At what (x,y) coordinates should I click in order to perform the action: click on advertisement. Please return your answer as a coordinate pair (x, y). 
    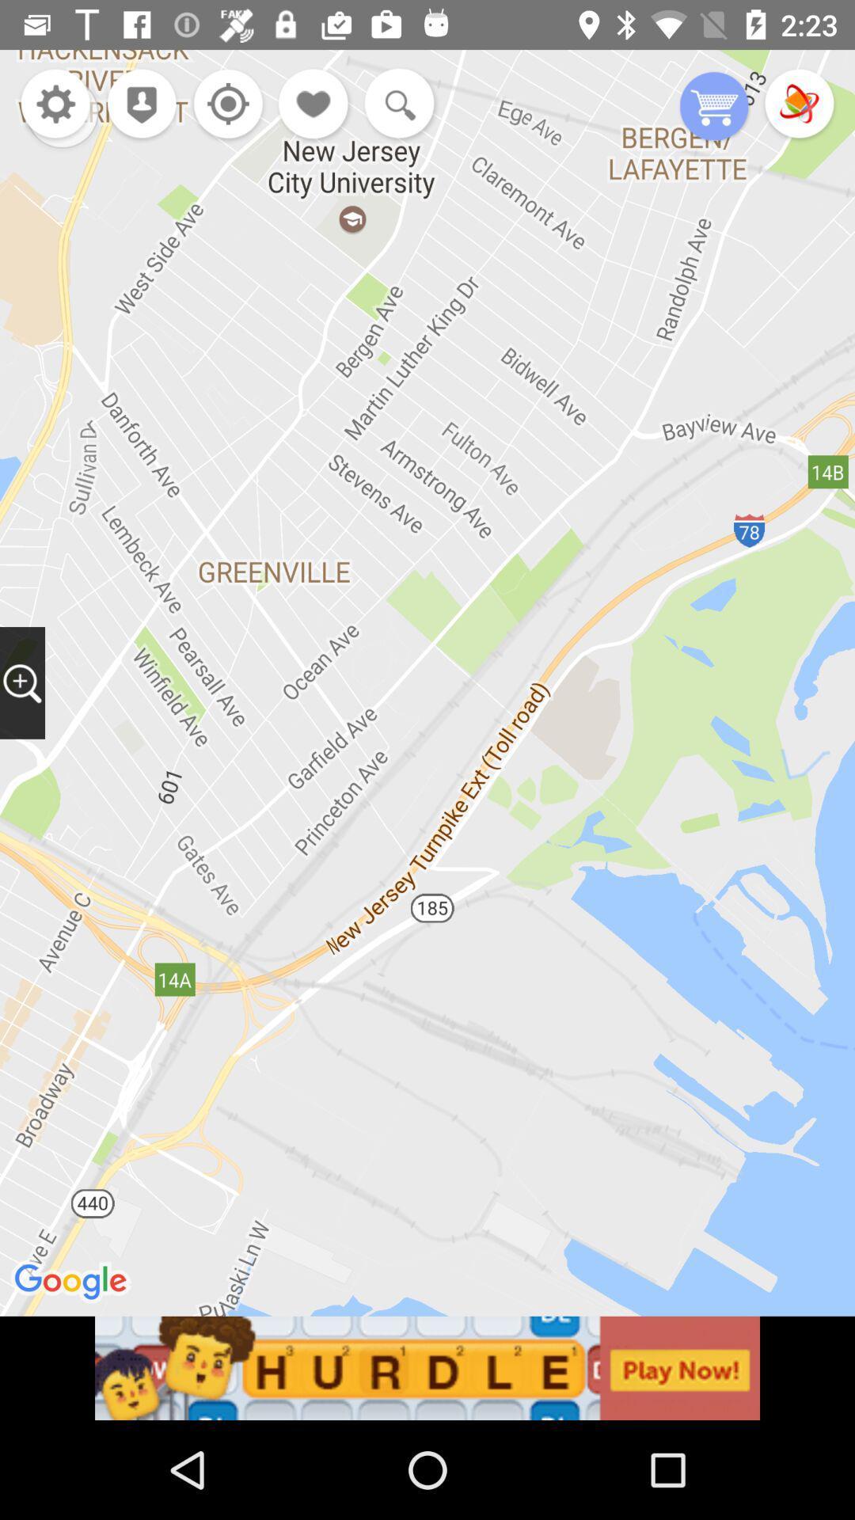
    Looking at the image, I should click on (427, 1367).